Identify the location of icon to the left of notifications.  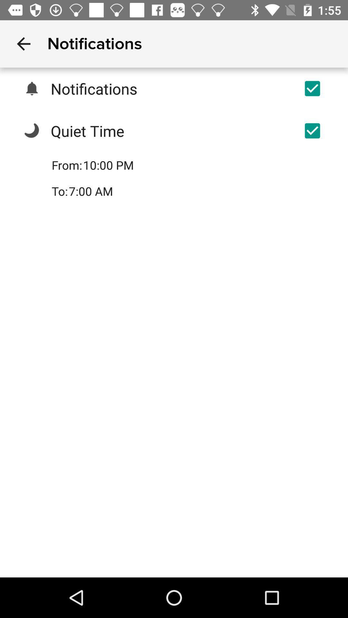
(23, 43).